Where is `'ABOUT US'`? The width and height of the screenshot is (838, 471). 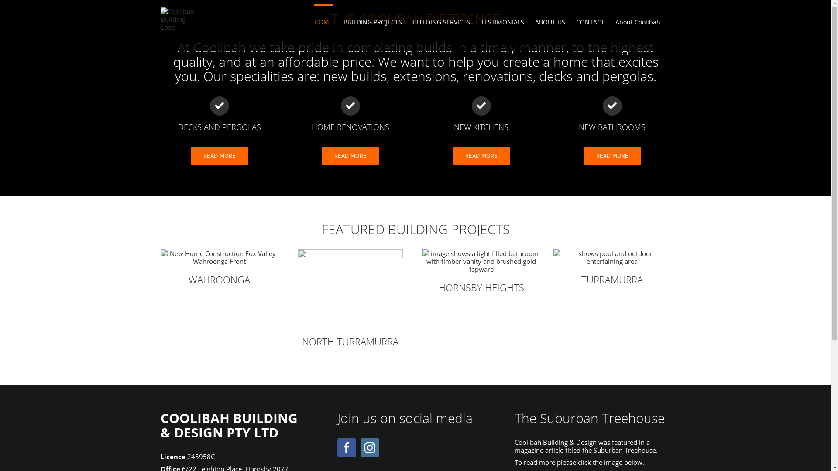
'ABOUT US' is located at coordinates (550, 21).